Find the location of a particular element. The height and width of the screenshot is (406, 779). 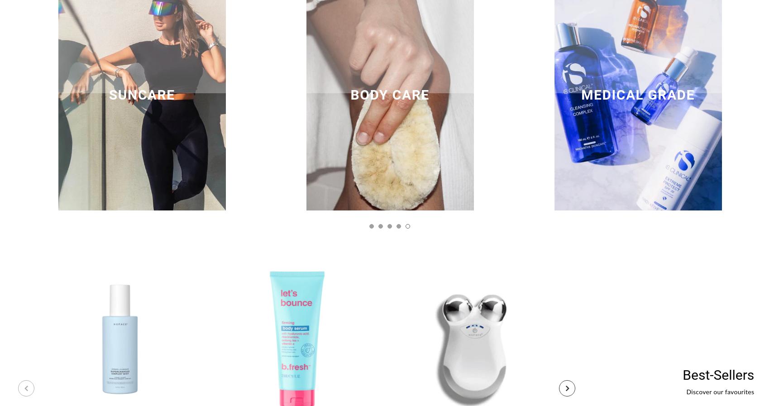

'Discover our favourites' is located at coordinates (720, 392).